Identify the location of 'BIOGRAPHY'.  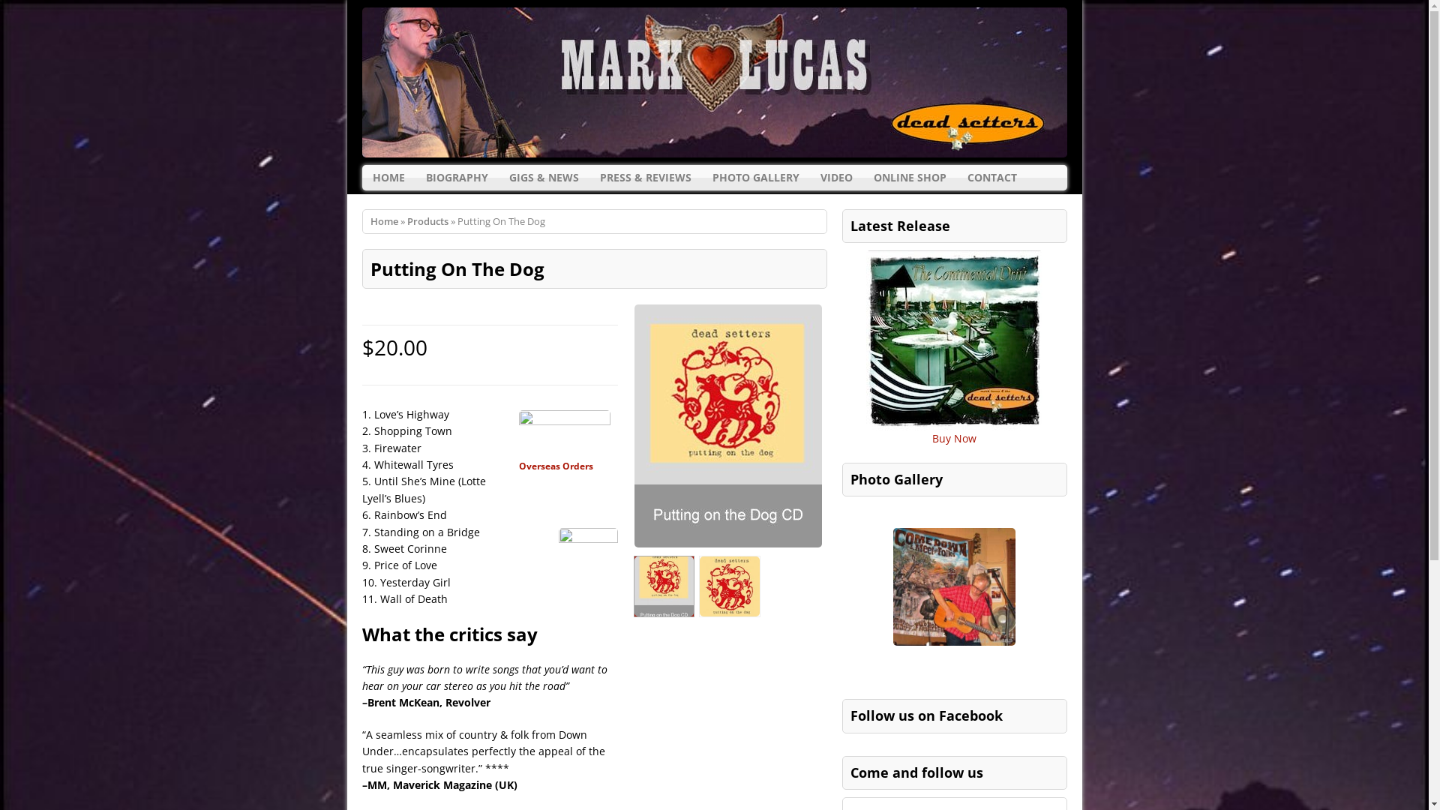
(456, 176).